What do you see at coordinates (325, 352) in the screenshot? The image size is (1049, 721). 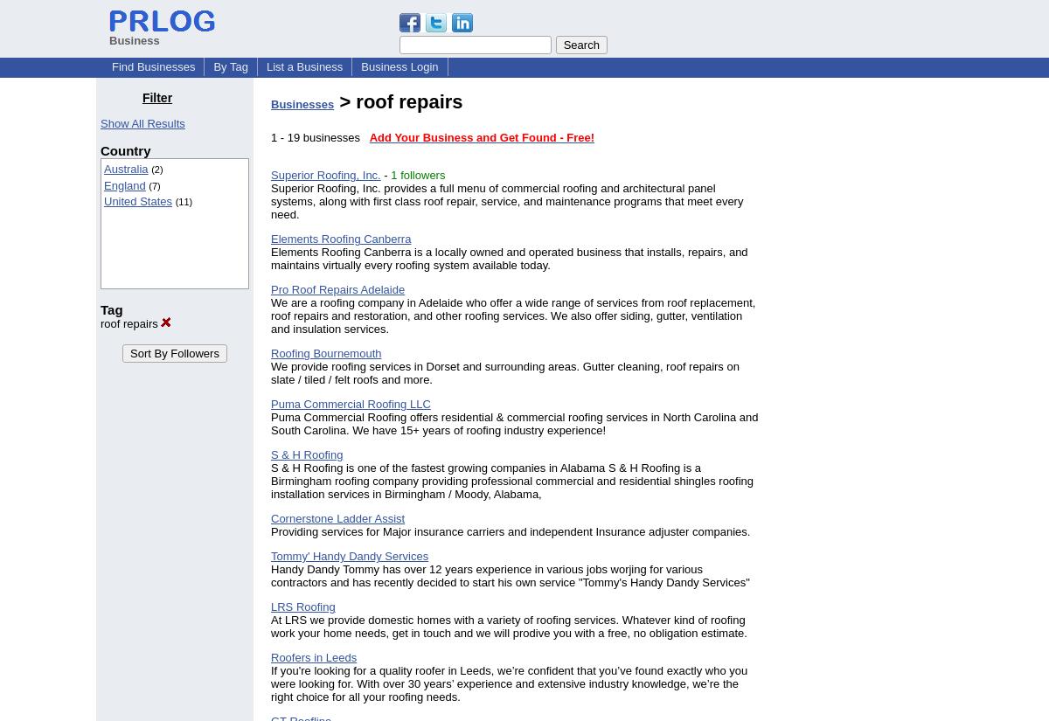 I see `'Roofing Bournemouth'` at bounding box center [325, 352].